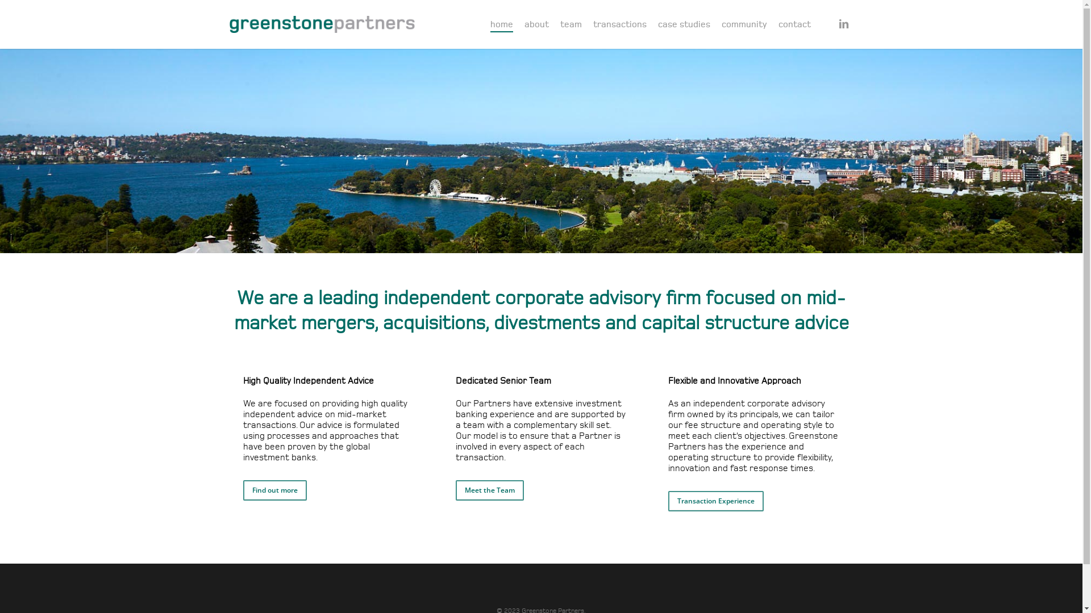 The height and width of the screenshot is (613, 1091). What do you see at coordinates (275, 490) in the screenshot?
I see `'Find out more'` at bounding box center [275, 490].